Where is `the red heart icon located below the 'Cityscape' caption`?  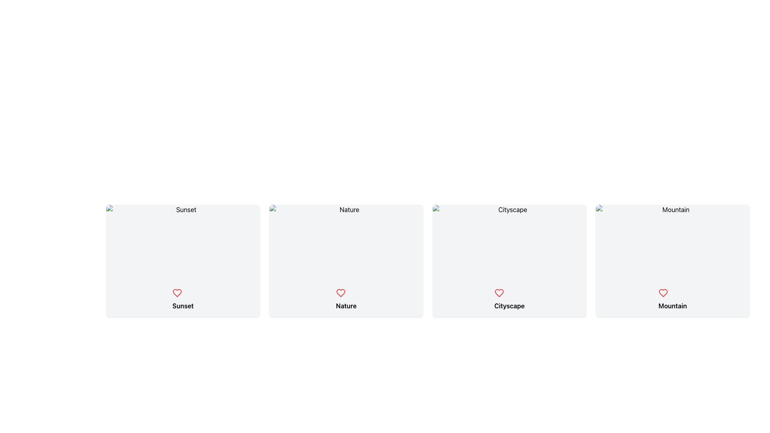 the red heart icon located below the 'Cityscape' caption is located at coordinates (498, 293).